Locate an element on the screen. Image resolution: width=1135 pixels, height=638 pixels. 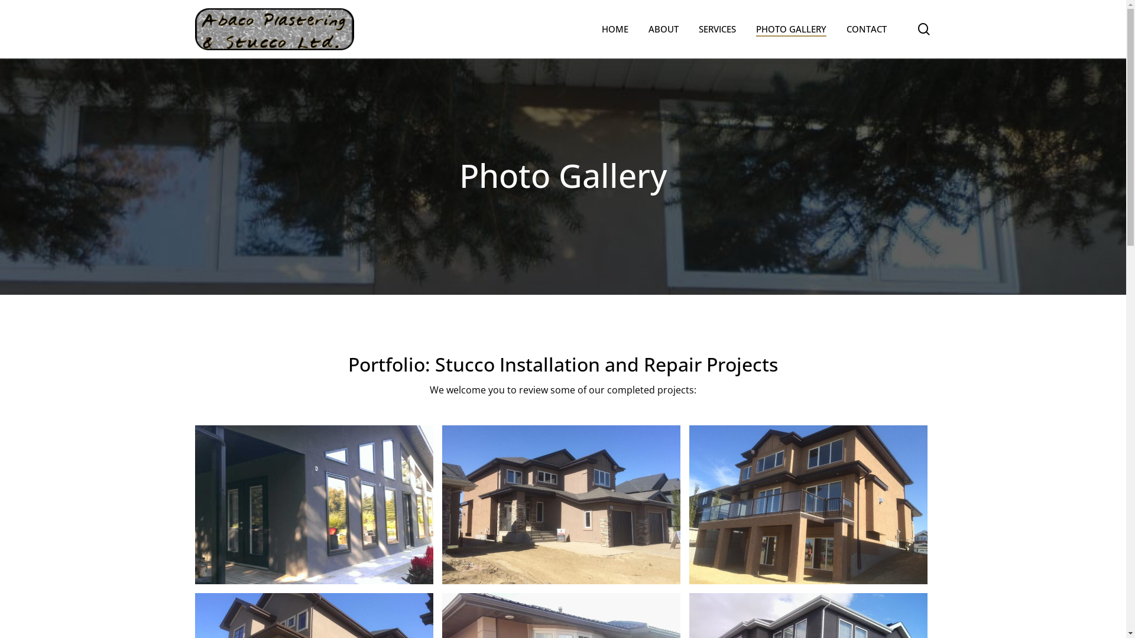
'18' is located at coordinates (560, 504).